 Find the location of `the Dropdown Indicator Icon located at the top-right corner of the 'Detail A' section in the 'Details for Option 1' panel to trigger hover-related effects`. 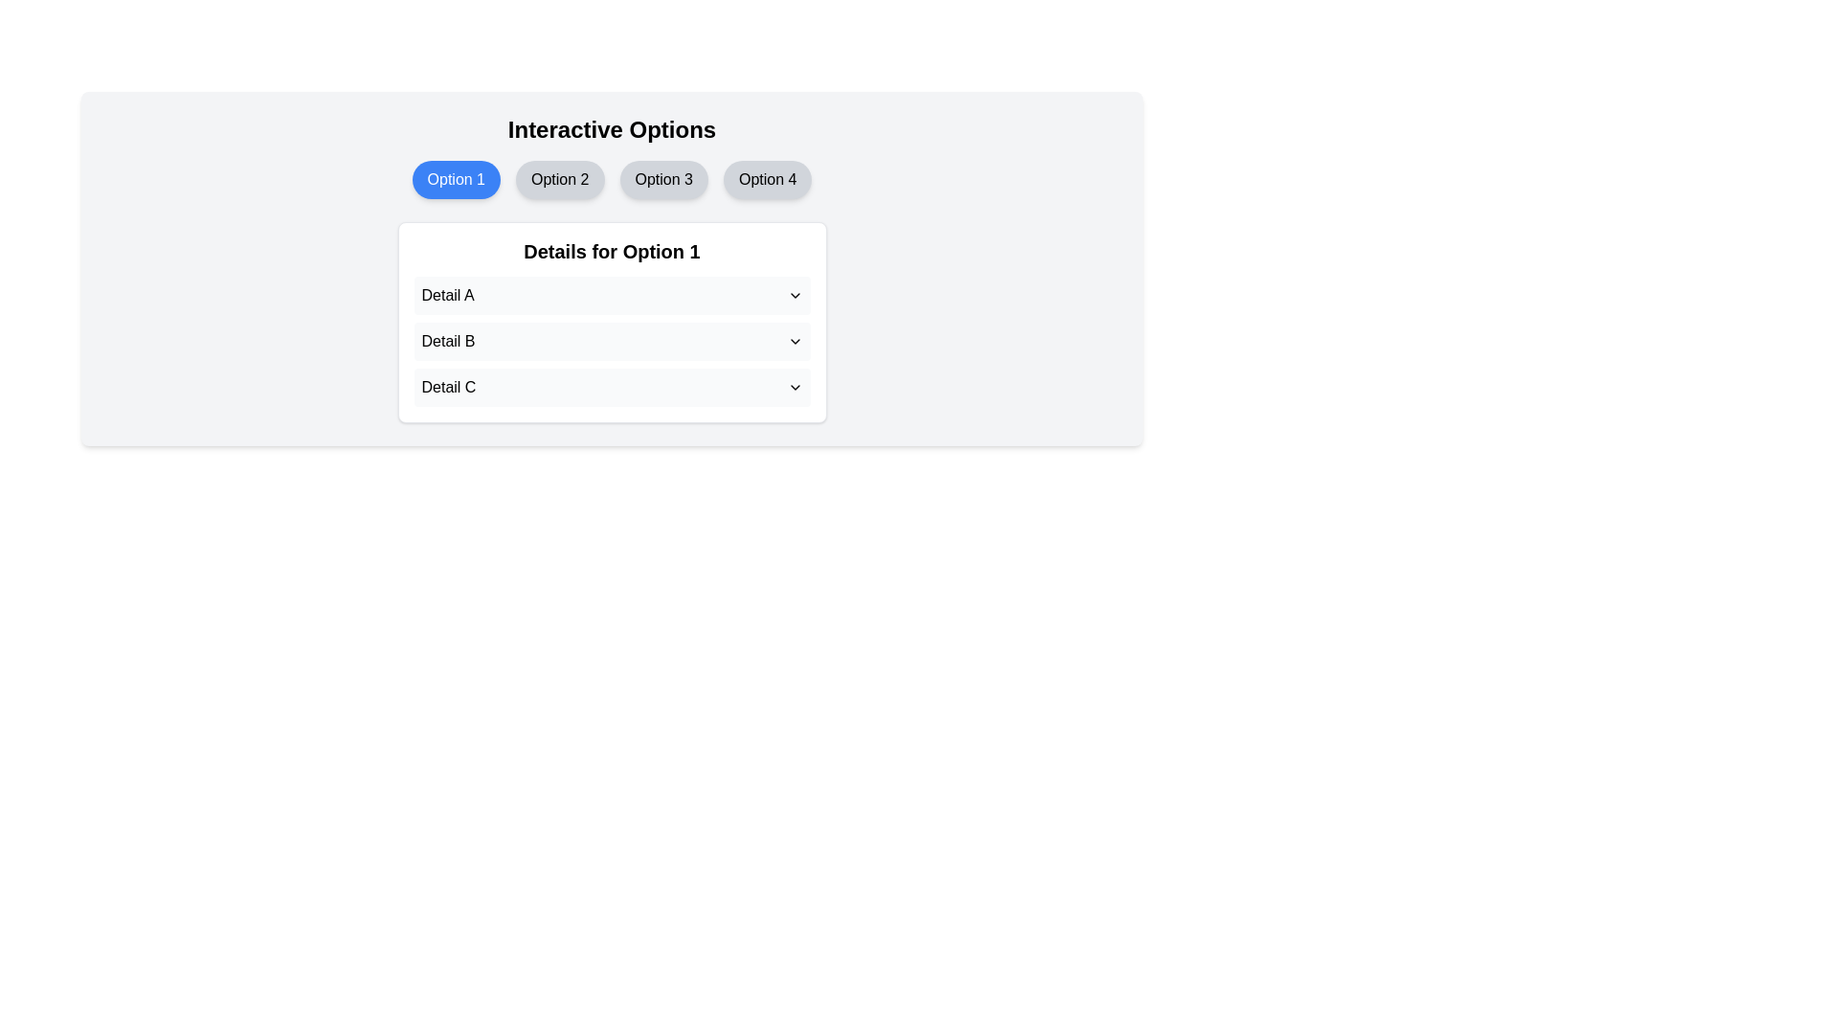

the Dropdown Indicator Icon located at the top-right corner of the 'Detail A' section in the 'Details for Option 1' panel to trigger hover-related effects is located at coordinates (795, 295).